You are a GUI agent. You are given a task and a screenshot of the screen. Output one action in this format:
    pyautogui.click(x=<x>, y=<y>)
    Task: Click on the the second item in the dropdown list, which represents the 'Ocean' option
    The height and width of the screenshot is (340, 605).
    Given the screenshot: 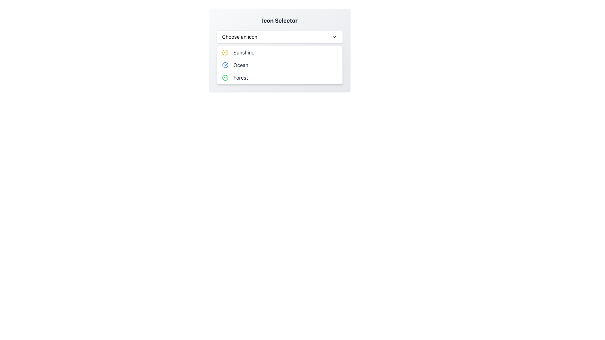 What is the action you would take?
    pyautogui.click(x=279, y=65)
    